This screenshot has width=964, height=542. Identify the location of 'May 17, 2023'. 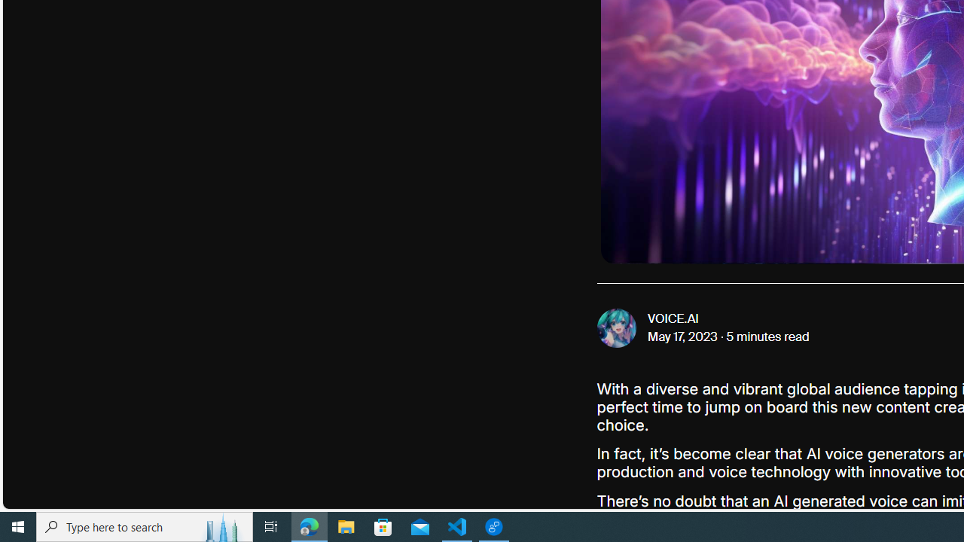
(682, 336).